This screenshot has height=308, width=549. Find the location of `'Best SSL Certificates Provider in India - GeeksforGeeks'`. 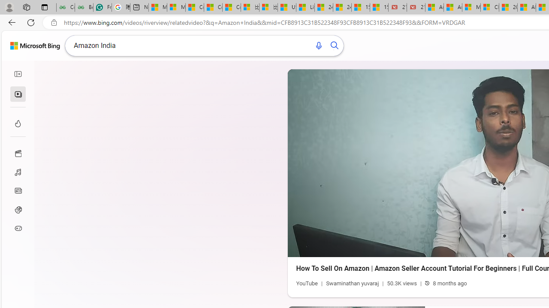

'Best SSL Certificates Provider in India - GeeksforGeeks' is located at coordinates (84, 7).